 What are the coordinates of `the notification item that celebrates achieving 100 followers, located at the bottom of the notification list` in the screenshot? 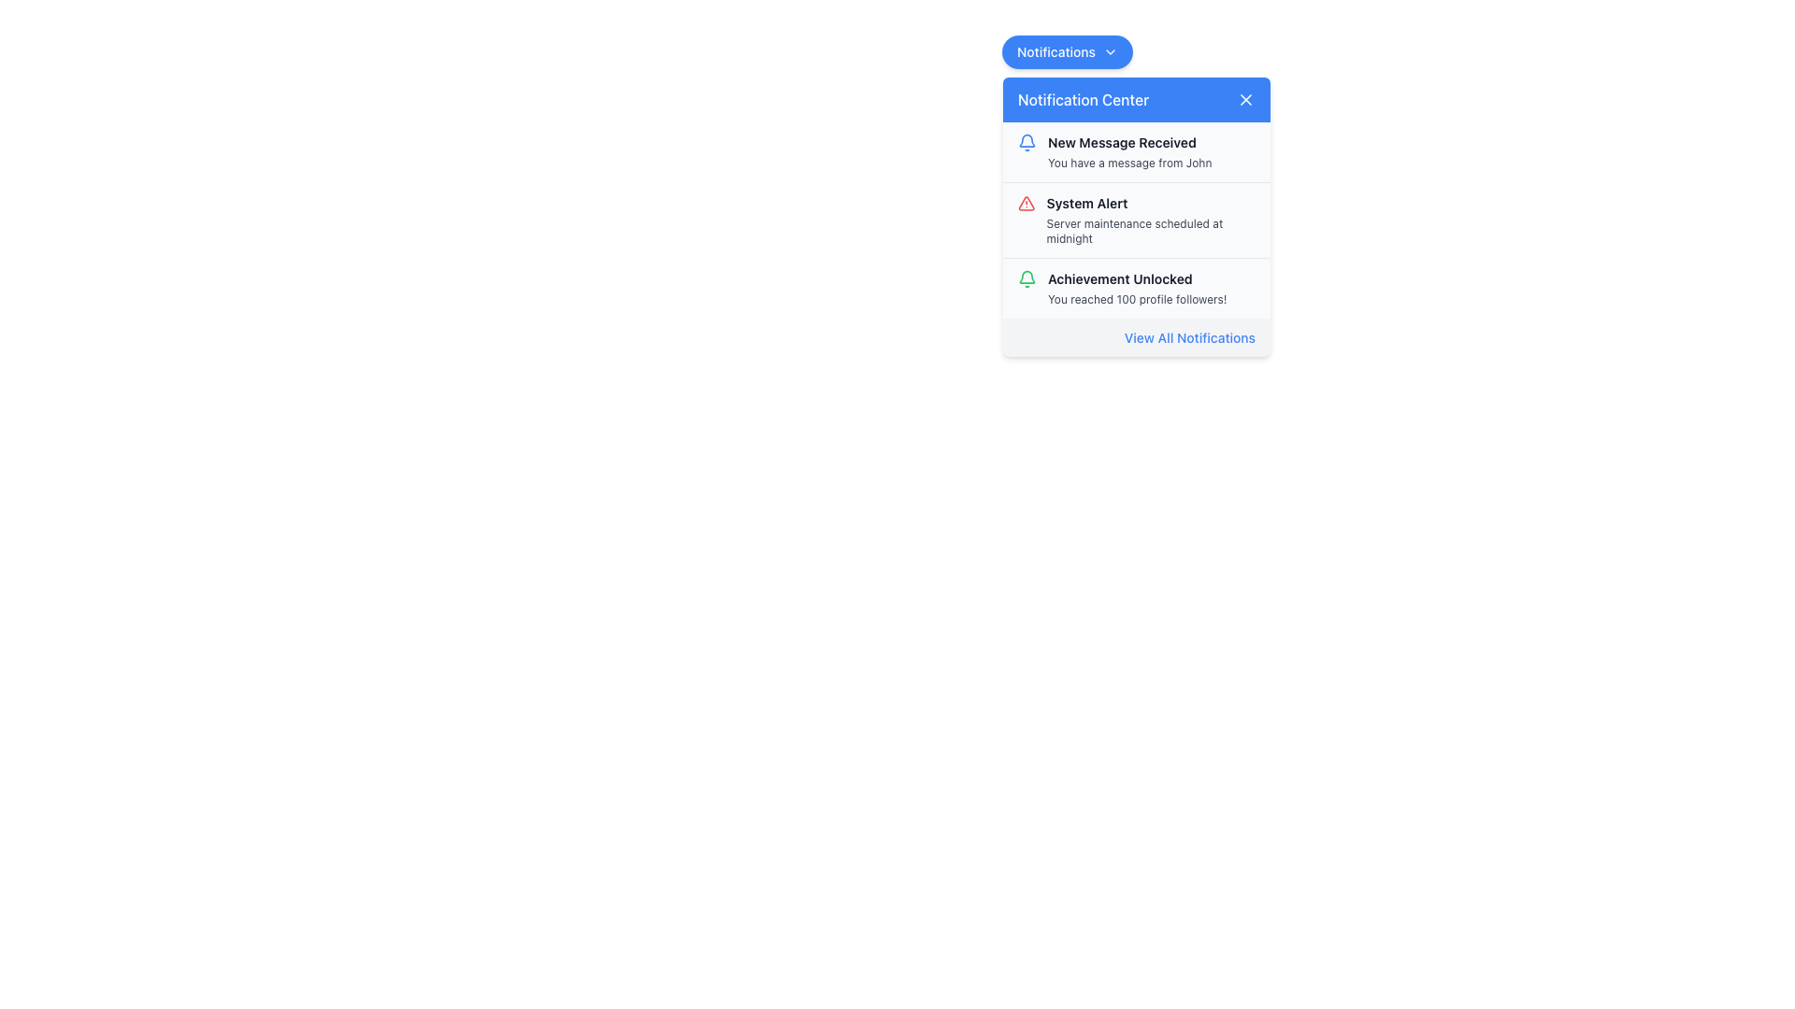 It's located at (1135, 288).